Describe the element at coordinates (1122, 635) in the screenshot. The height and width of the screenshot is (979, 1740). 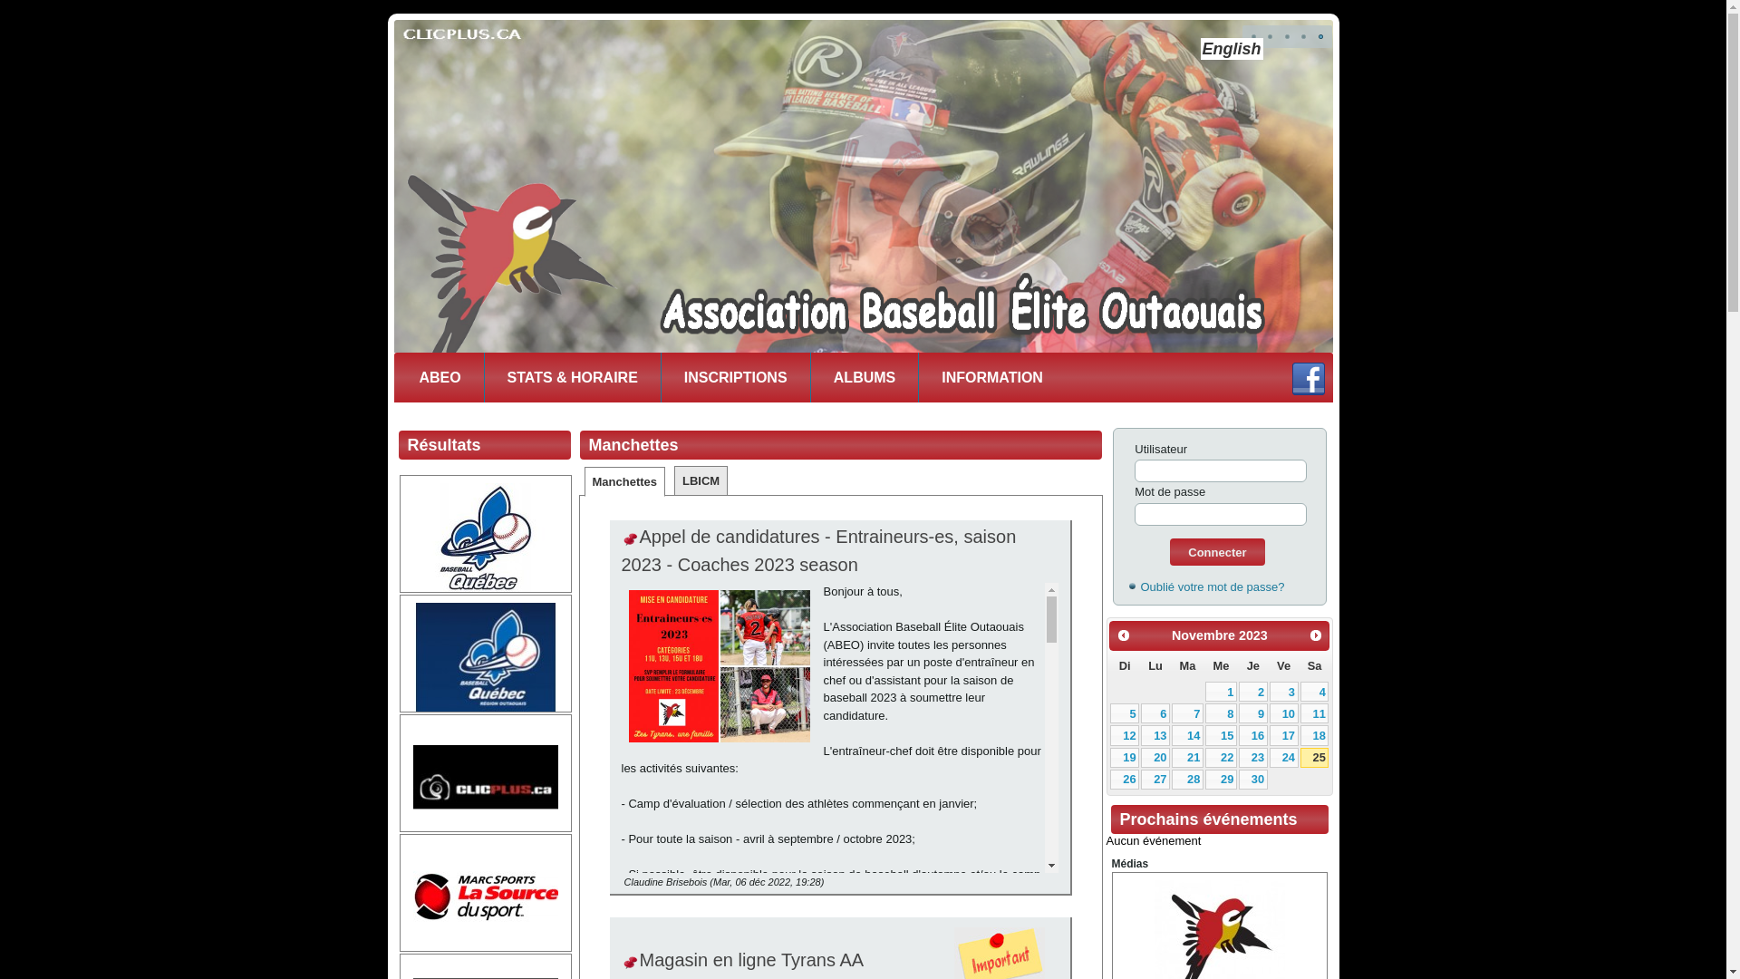
I see `'Prev'` at that location.